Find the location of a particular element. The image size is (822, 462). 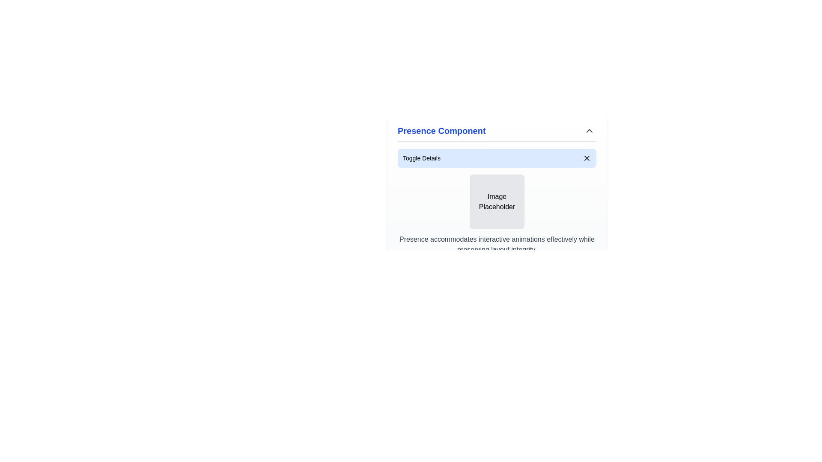

the 'Toggle Details' text label is located at coordinates (421, 158).